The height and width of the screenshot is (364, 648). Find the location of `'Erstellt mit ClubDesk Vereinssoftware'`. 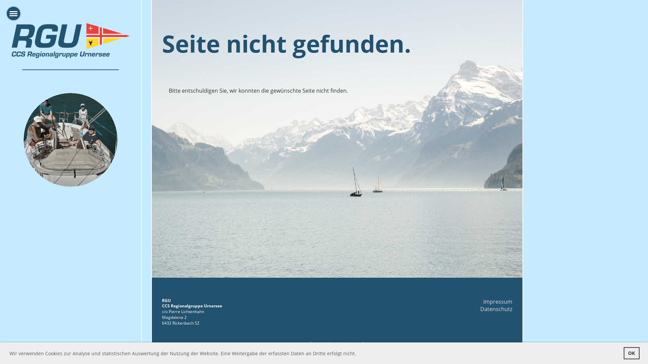

'Erstellt mit ClubDesk Vereinssoftware' is located at coordinates (337, 343).